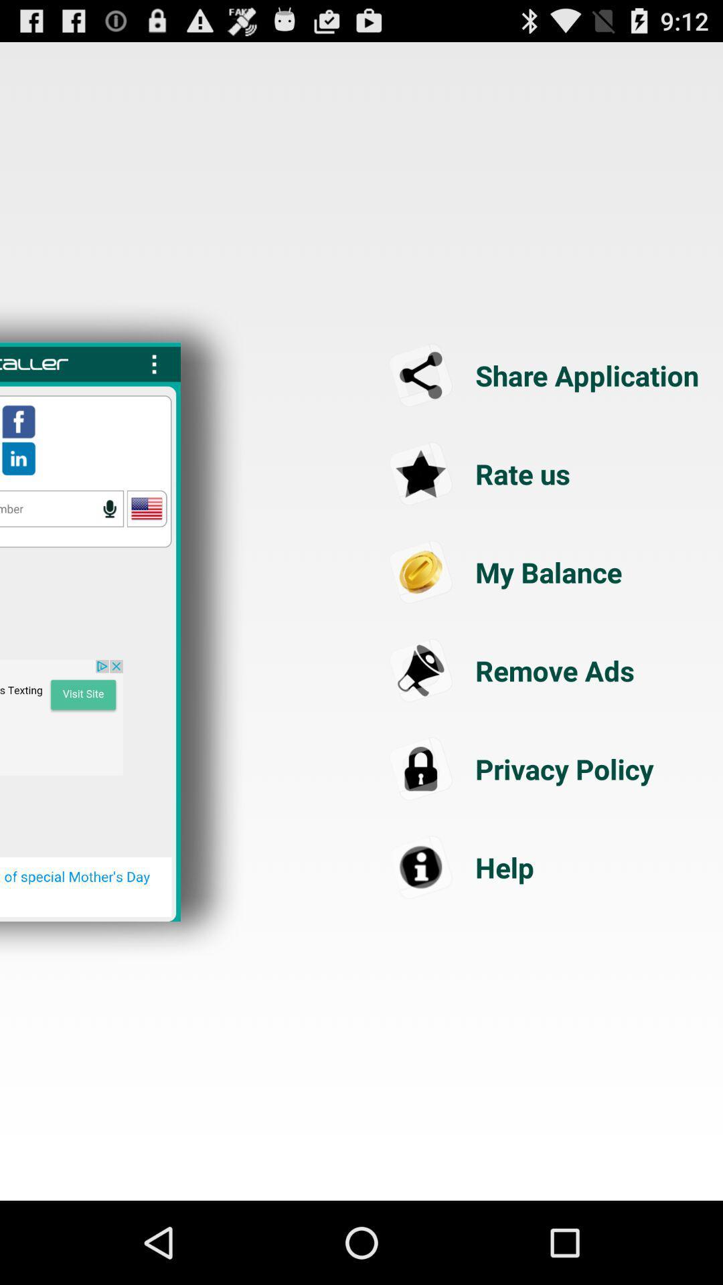 The width and height of the screenshot is (723, 1285). What do you see at coordinates (61, 717) in the screenshot?
I see `advertisement link` at bounding box center [61, 717].